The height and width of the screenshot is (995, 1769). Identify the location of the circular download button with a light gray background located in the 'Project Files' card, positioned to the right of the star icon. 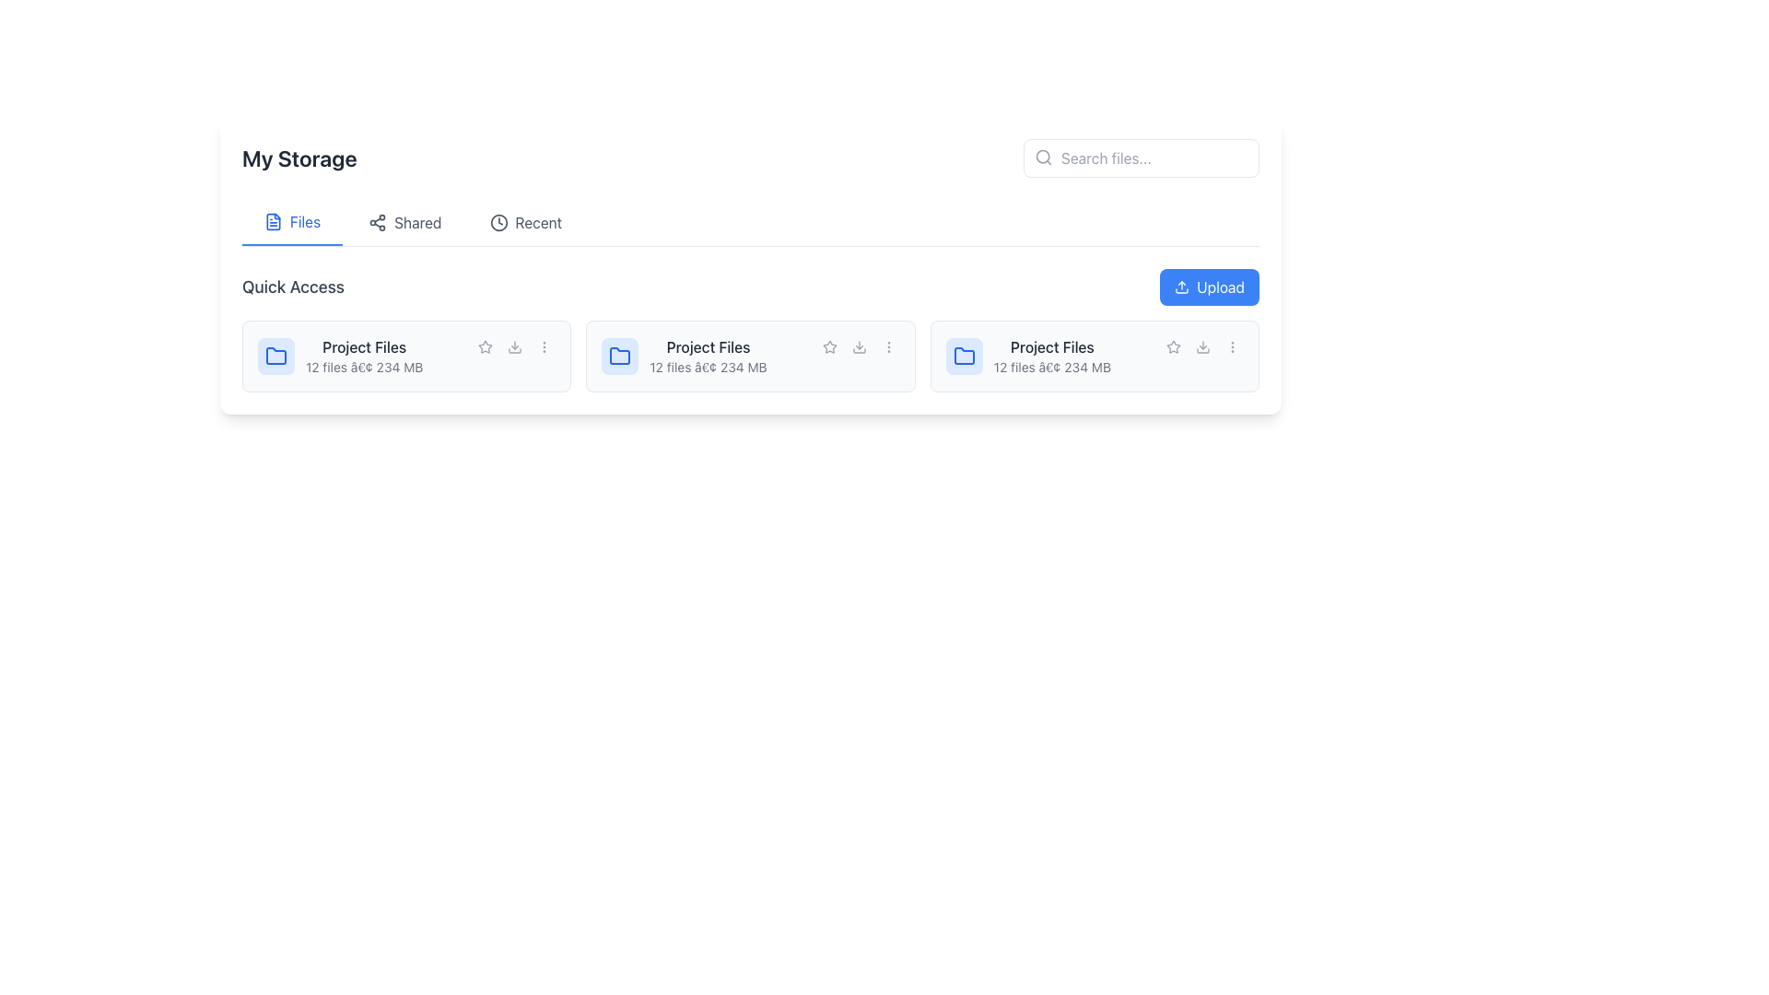
(858, 347).